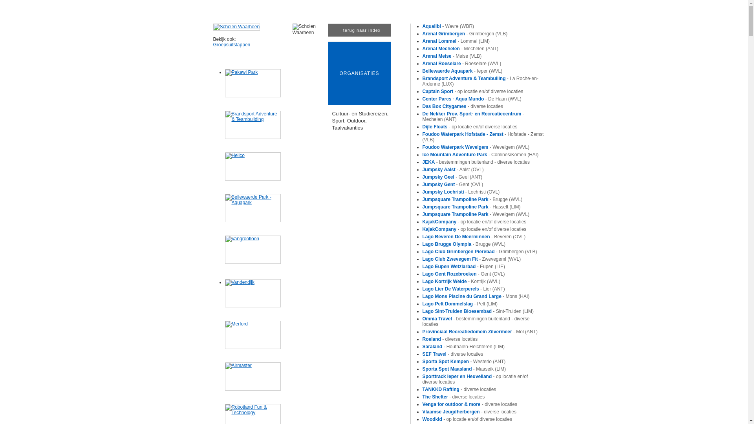  What do you see at coordinates (422, 161) in the screenshot?
I see `'JEKA - bestemmingen buitenland - diverse locaties'` at bounding box center [422, 161].